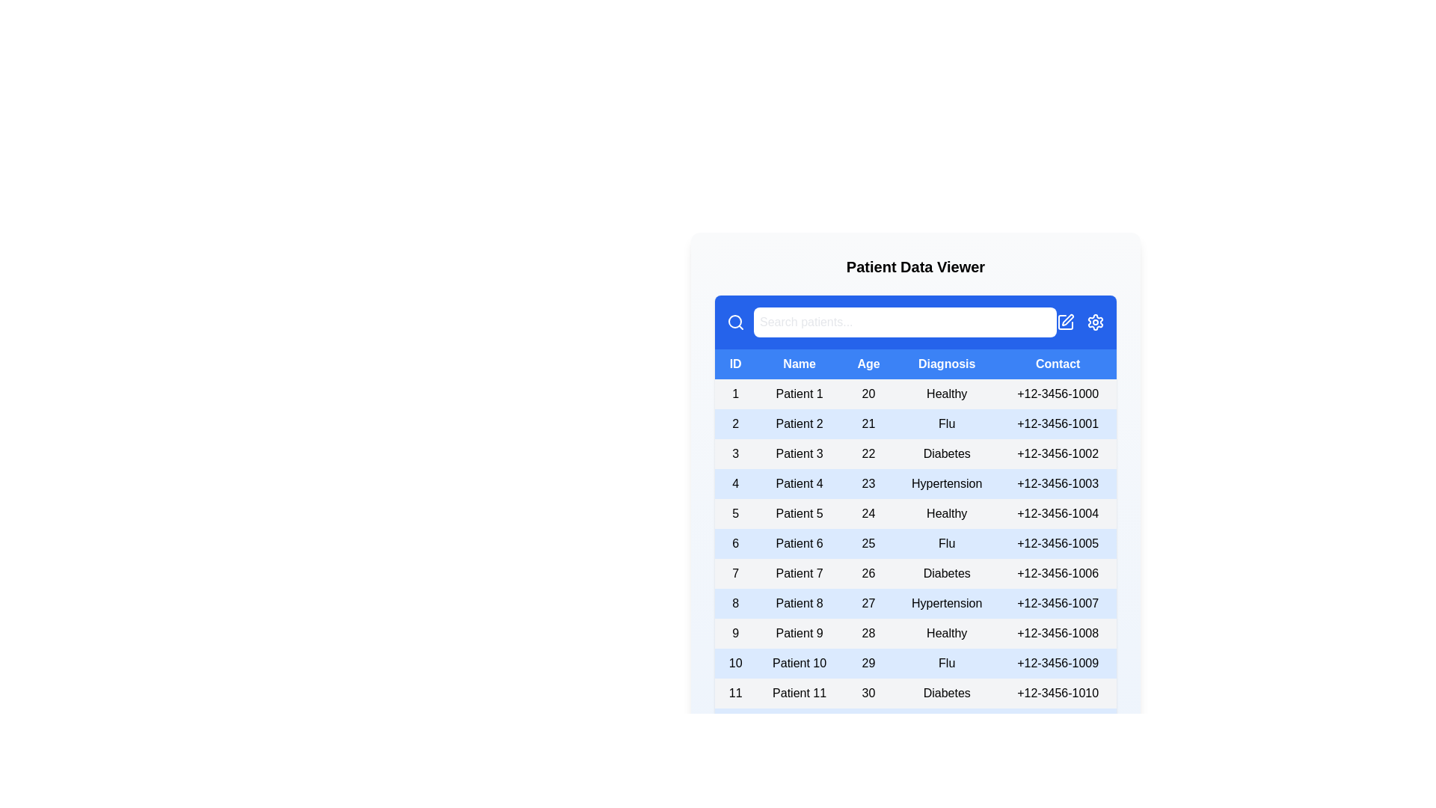 The width and height of the screenshot is (1436, 808). What do you see at coordinates (946, 364) in the screenshot?
I see `the column header Diagnosis to sort the table by that column` at bounding box center [946, 364].